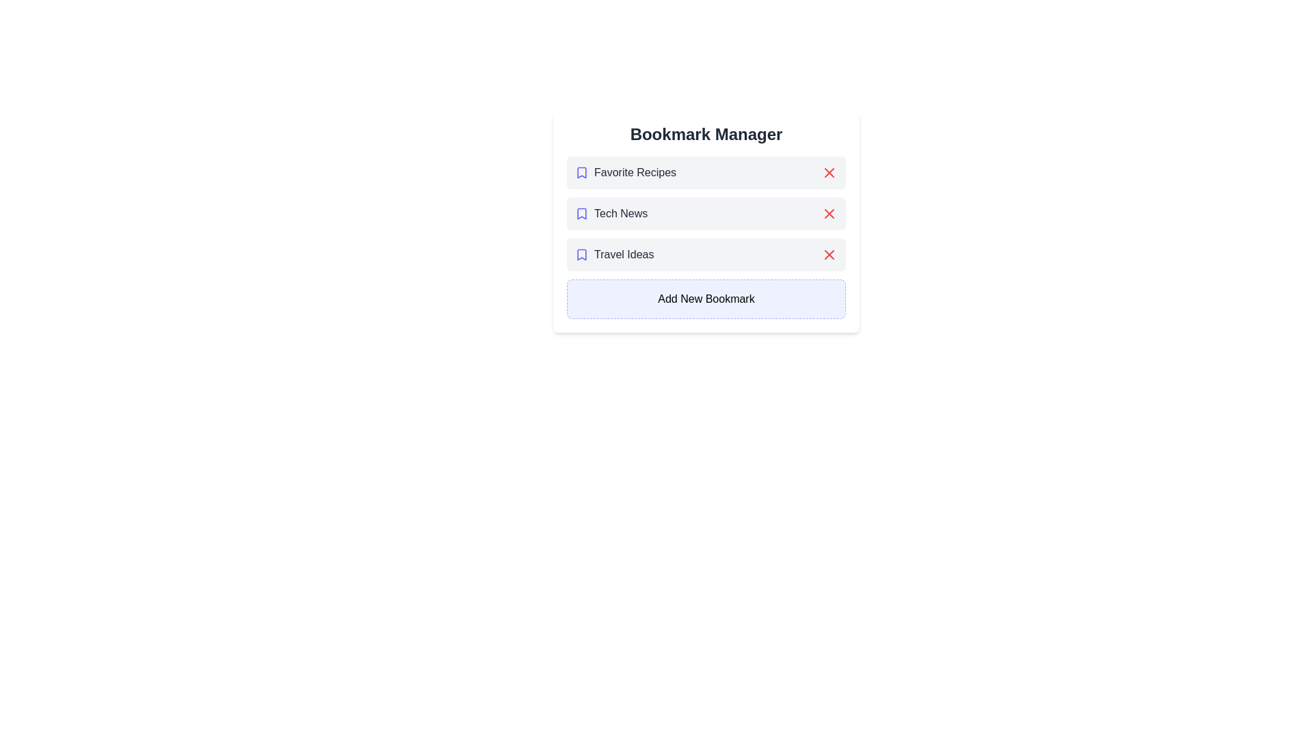  Describe the element at coordinates (829, 172) in the screenshot. I see `remove button next to the bookmark titled Favorite Recipes` at that location.